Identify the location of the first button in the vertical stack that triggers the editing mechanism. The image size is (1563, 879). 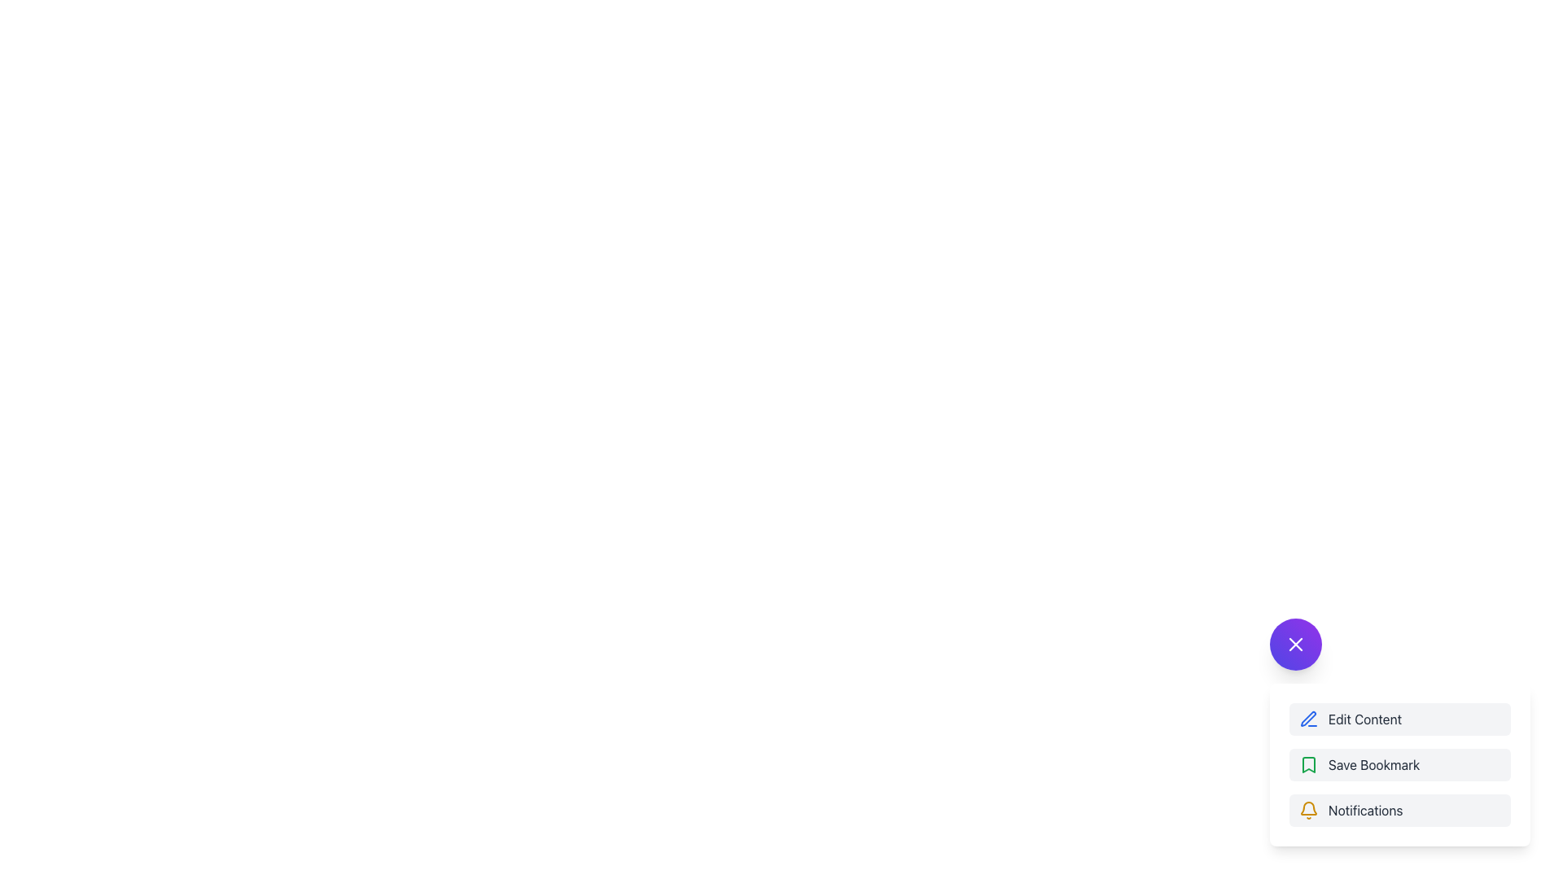
(1399, 731).